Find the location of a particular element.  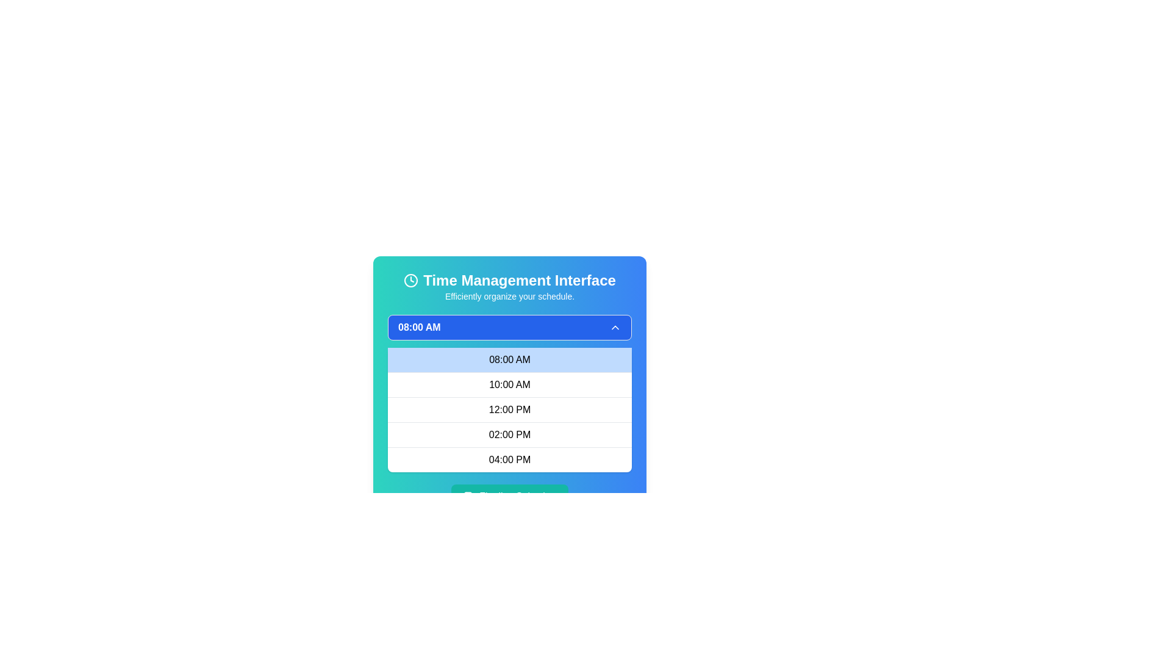

to select the time entry displaying '04:00 PM' in the vertically stacked list under the 'Time Management Interface' section is located at coordinates (509, 459).